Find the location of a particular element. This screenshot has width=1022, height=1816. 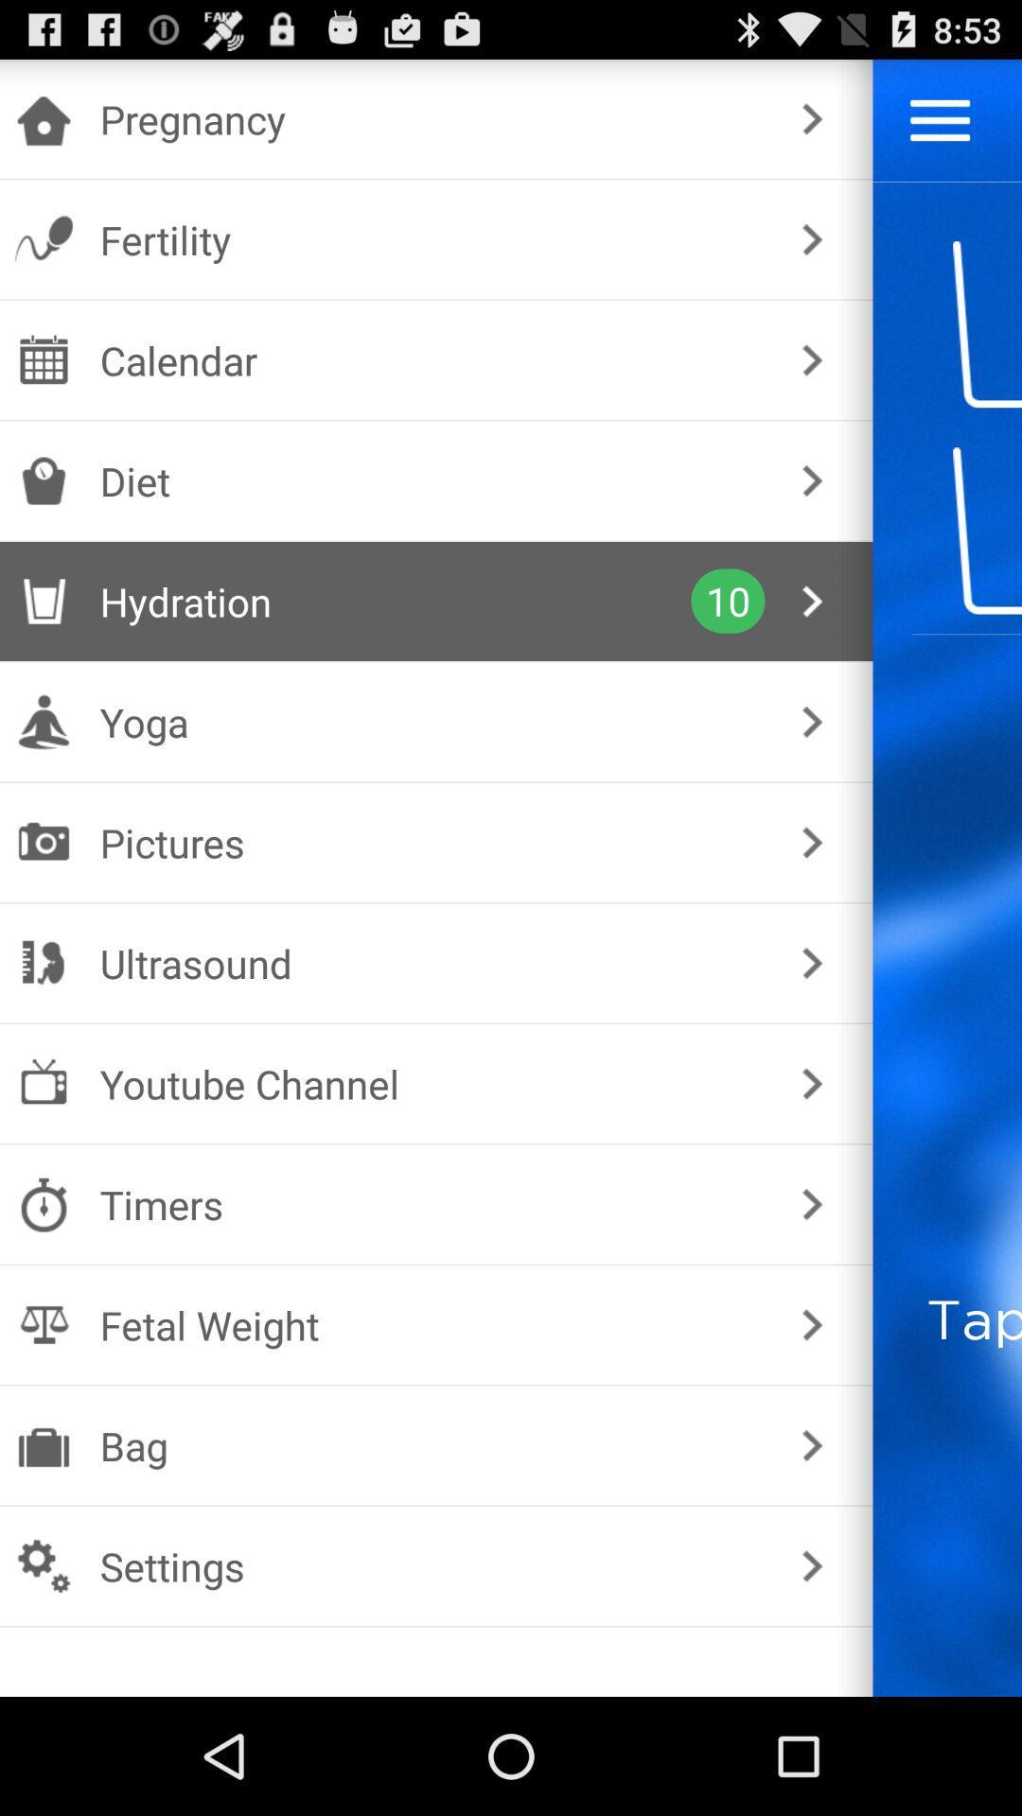

icon above 10 icon is located at coordinates (432, 480).